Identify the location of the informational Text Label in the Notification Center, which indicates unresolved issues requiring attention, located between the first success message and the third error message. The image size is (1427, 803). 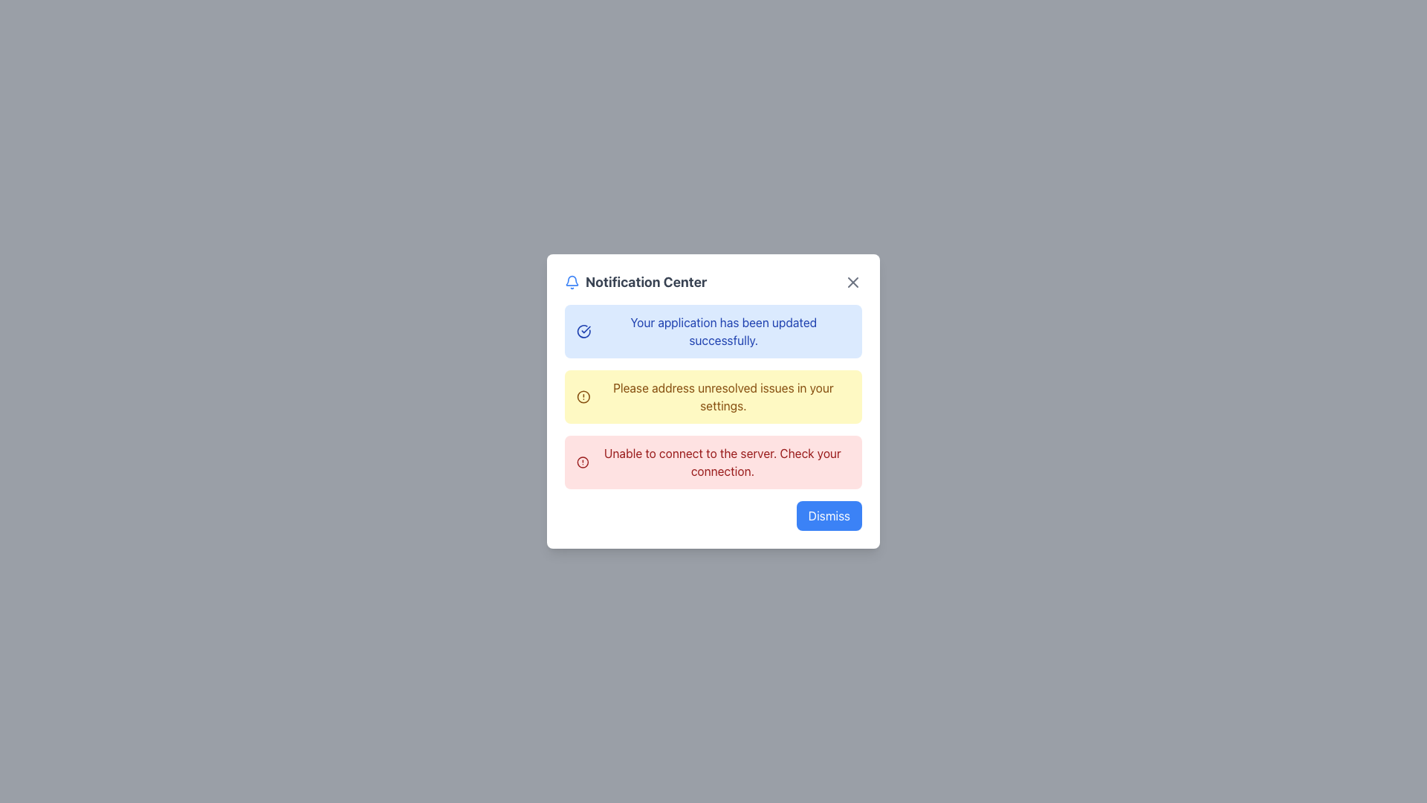
(723, 396).